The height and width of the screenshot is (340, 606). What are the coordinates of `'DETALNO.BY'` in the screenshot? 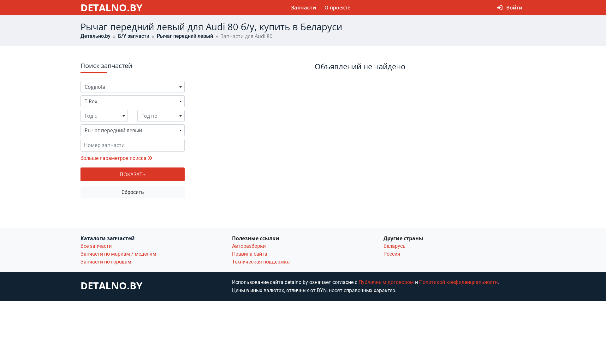 It's located at (80, 7).